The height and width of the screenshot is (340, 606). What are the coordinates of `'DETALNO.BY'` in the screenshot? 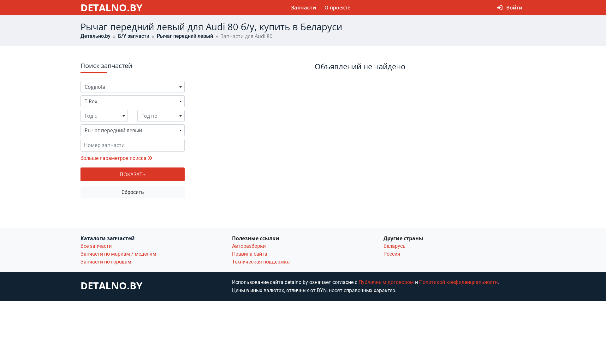 It's located at (80, 7).